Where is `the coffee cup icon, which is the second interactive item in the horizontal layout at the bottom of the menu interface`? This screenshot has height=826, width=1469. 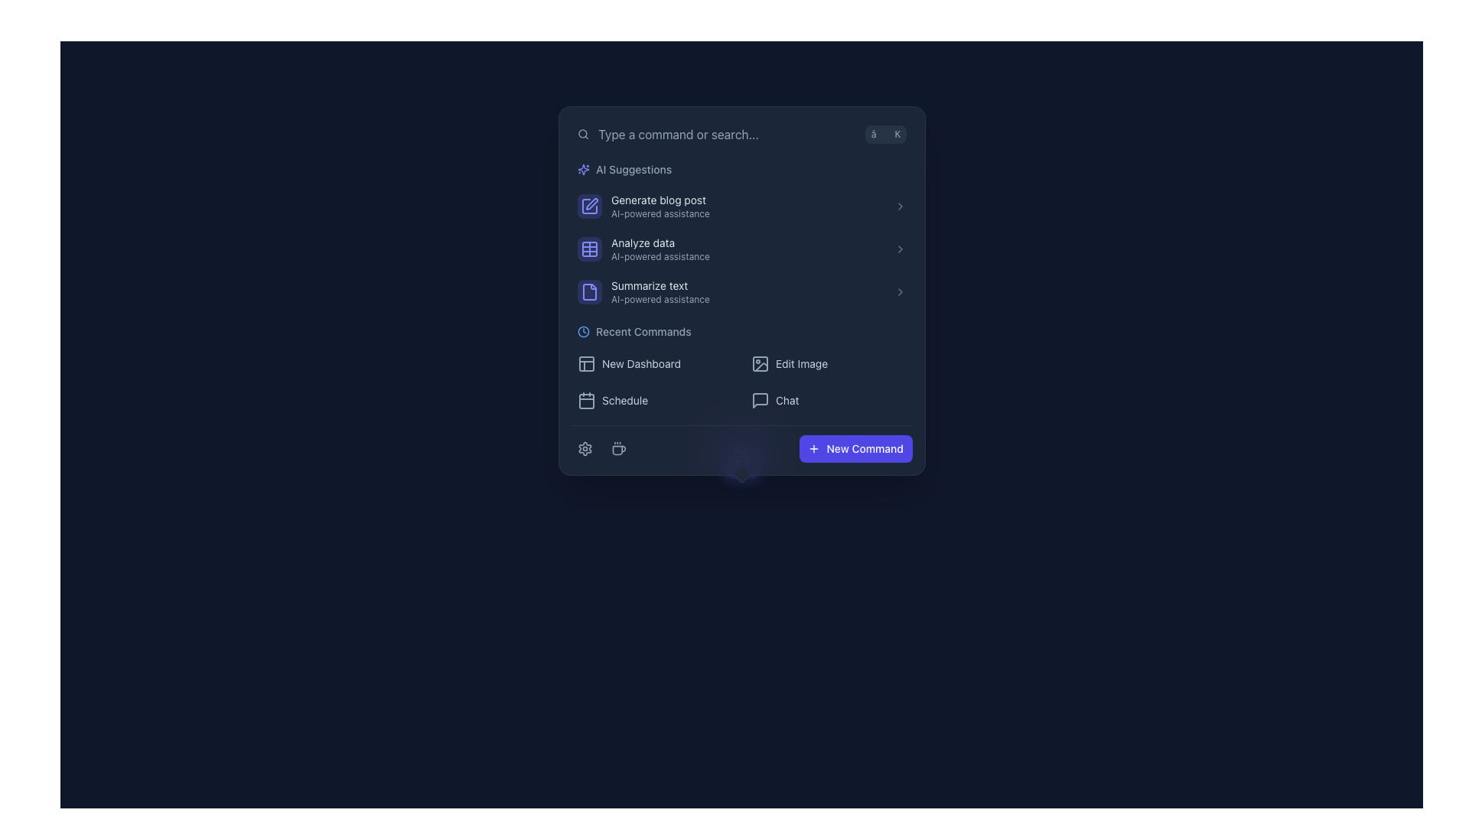 the coffee cup icon, which is the second interactive item in the horizontal layout at the bottom of the menu interface is located at coordinates (618, 447).